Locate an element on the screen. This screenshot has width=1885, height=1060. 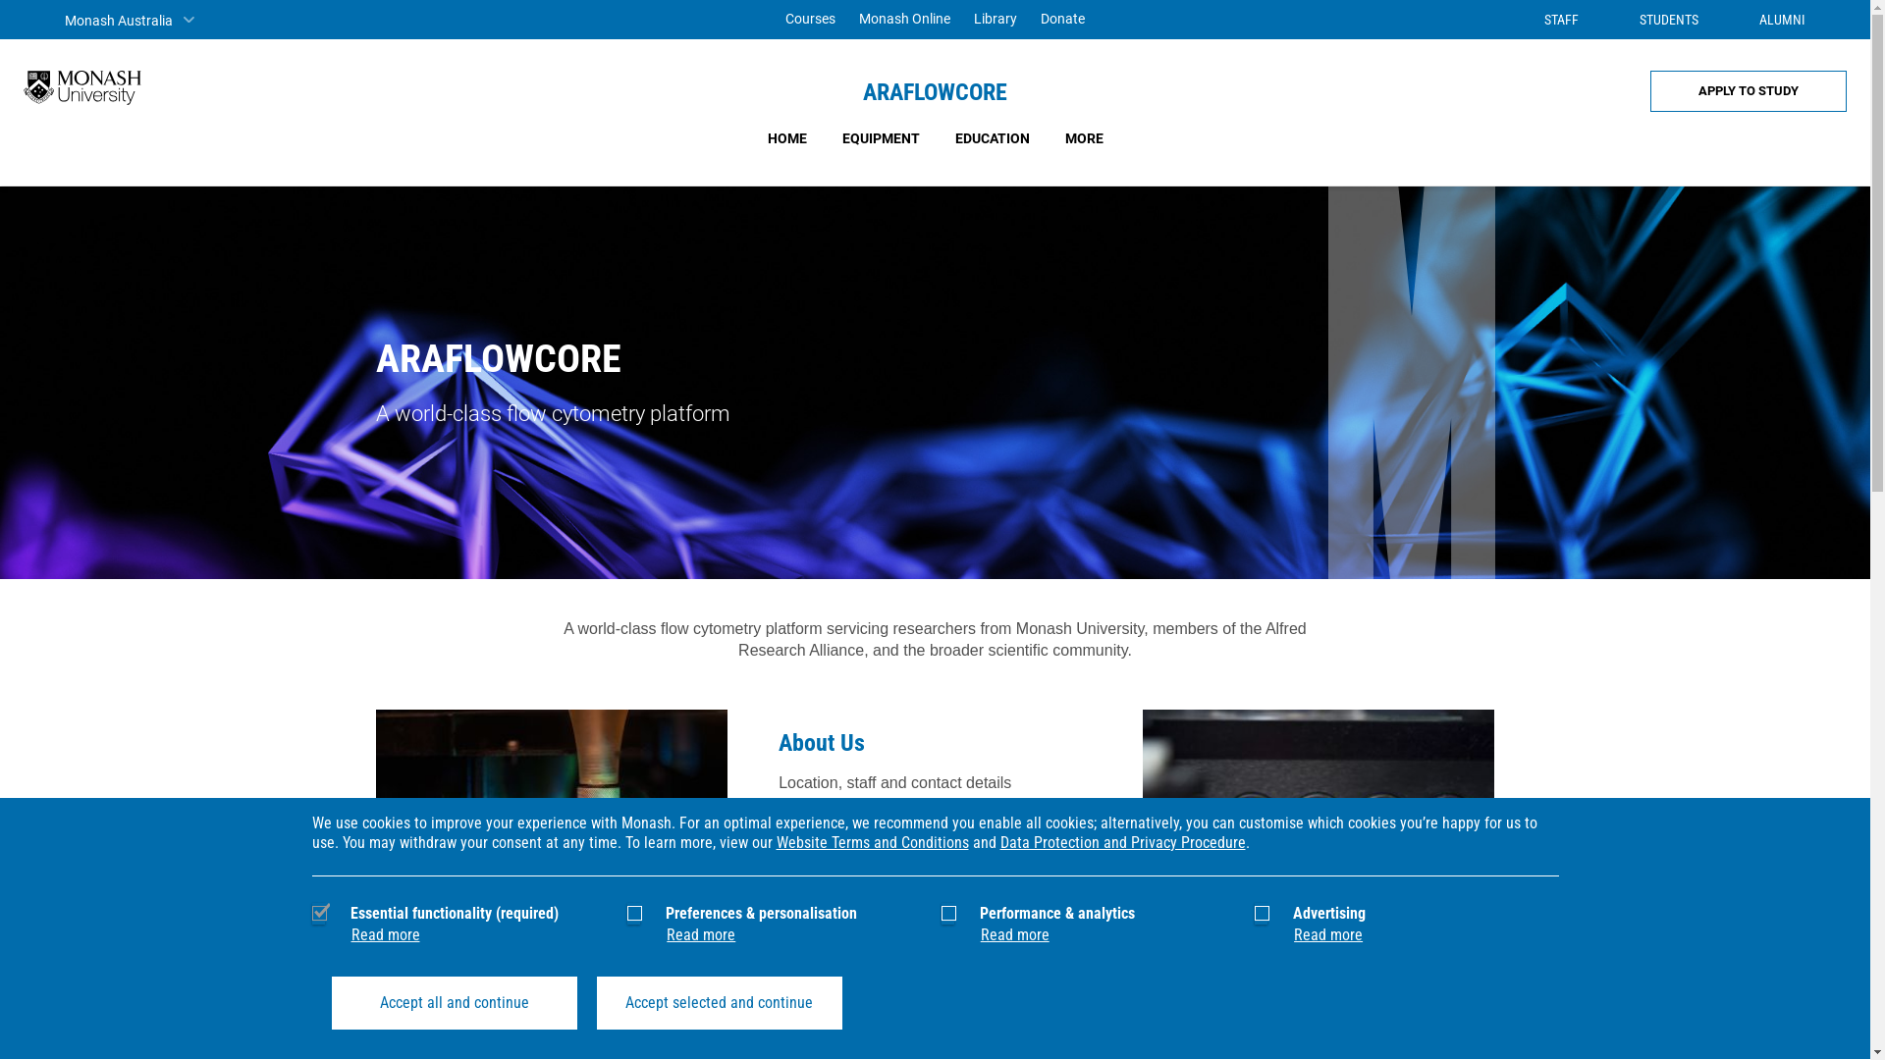
'Monash Online' is located at coordinates (903, 19).